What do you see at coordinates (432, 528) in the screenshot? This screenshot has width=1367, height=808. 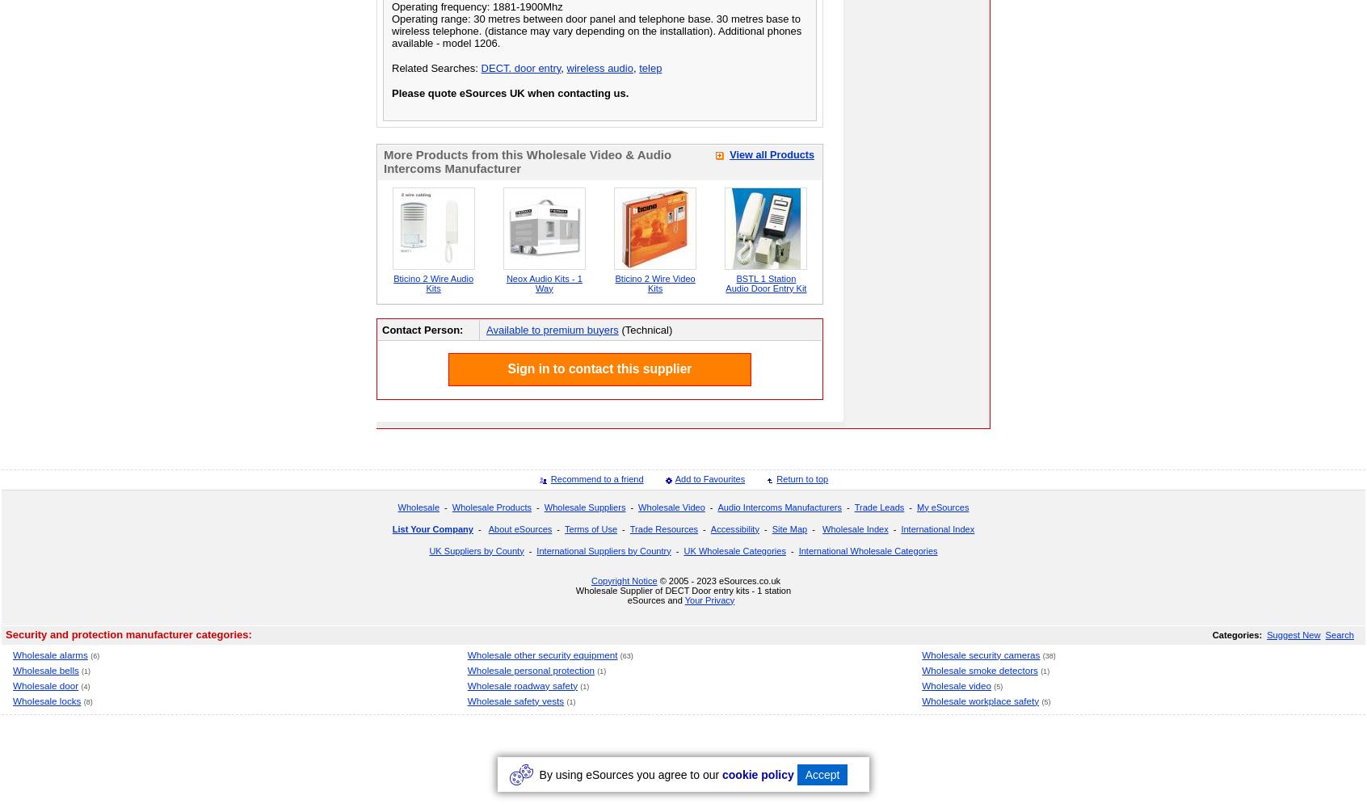 I see `'List Your Company'` at bounding box center [432, 528].